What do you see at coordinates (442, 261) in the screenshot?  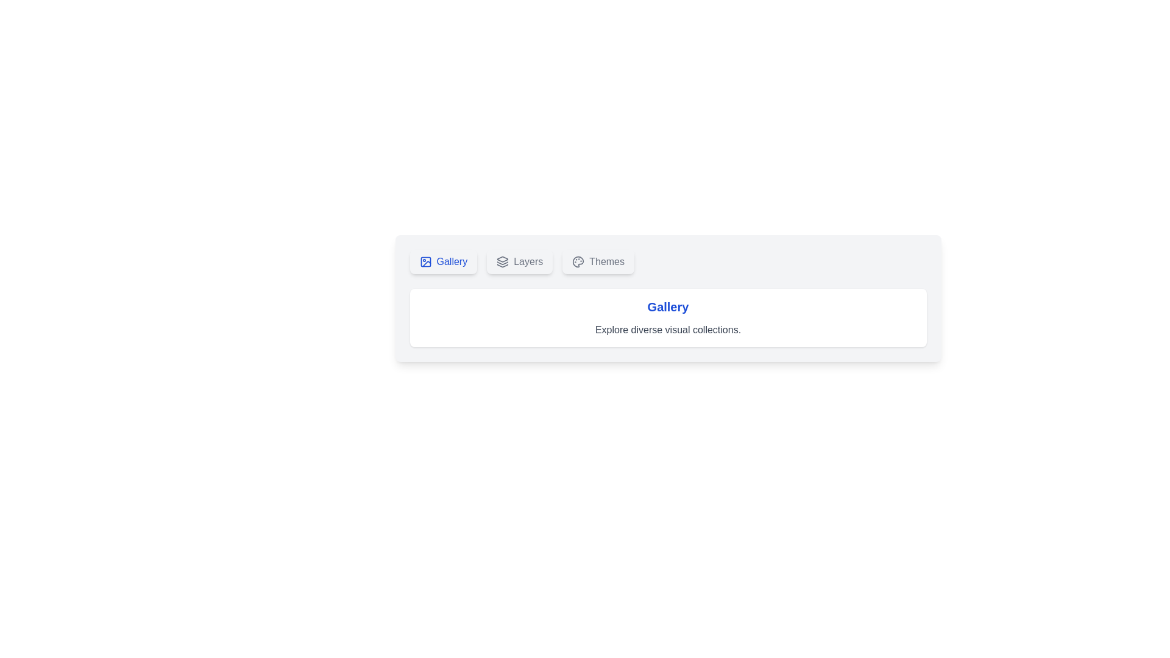 I see `the tab labeled 'Gallery' and observe its icon and label` at bounding box center [442, 261].